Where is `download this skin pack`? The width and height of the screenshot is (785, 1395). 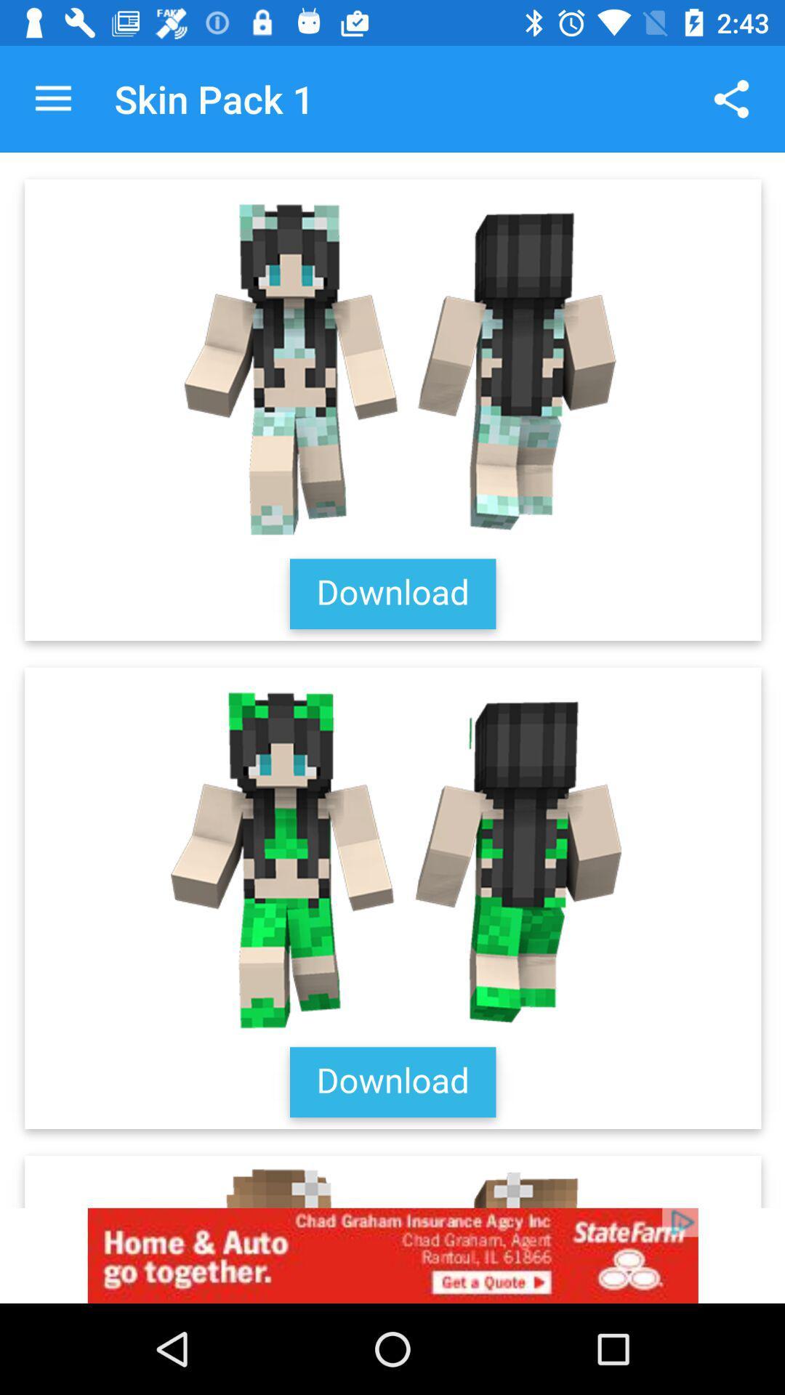 download this skin pack is located at coordinates (392, 679).